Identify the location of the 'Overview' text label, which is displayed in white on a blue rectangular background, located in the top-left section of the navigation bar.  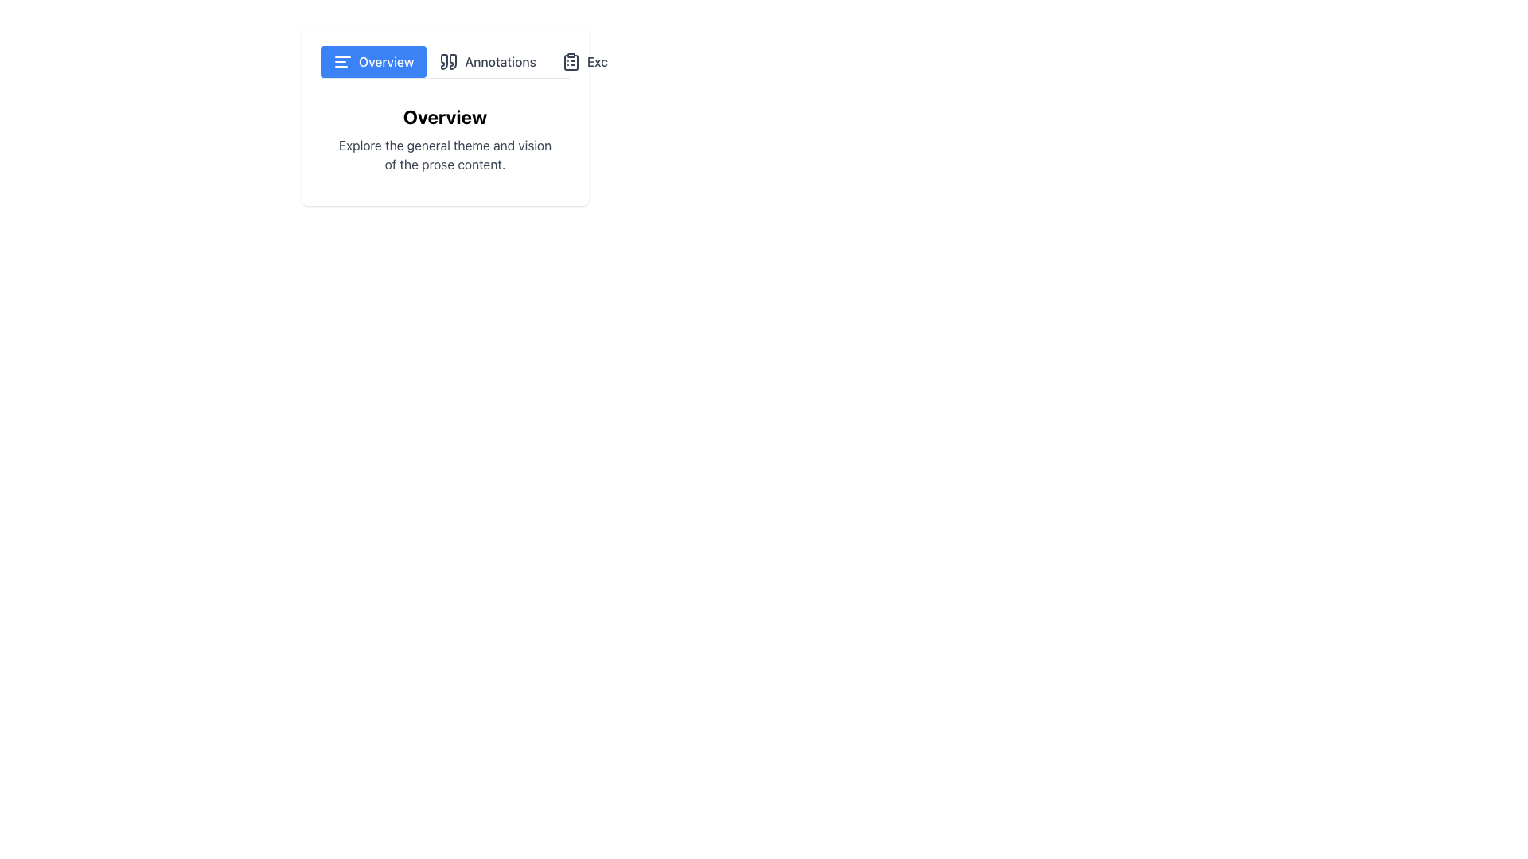
(386, 60).